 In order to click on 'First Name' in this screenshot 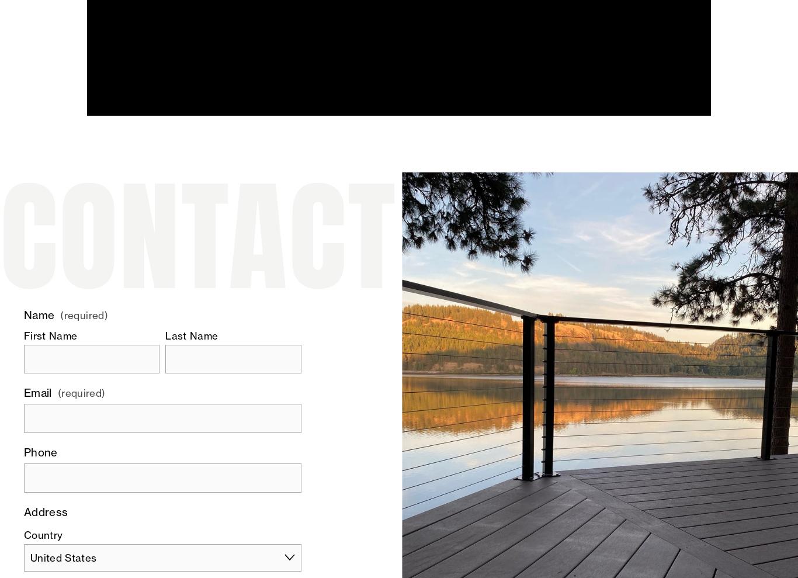, I will do `click(50, 335)`.